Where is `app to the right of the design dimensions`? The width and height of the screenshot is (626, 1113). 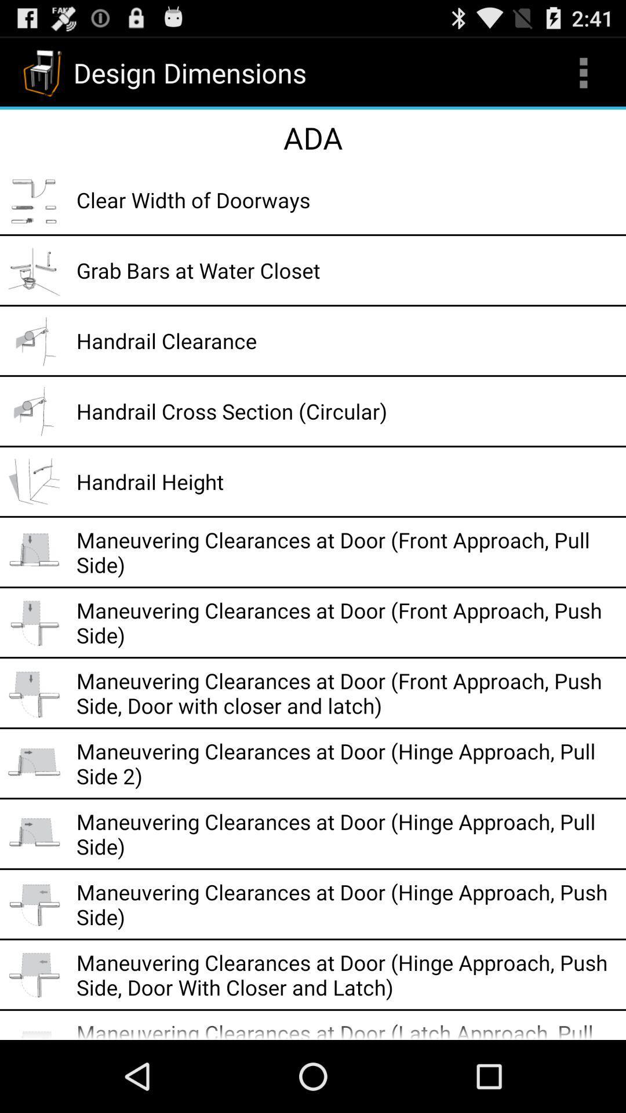 app to the right of the design dimensions is located at coordinates (583, 72).